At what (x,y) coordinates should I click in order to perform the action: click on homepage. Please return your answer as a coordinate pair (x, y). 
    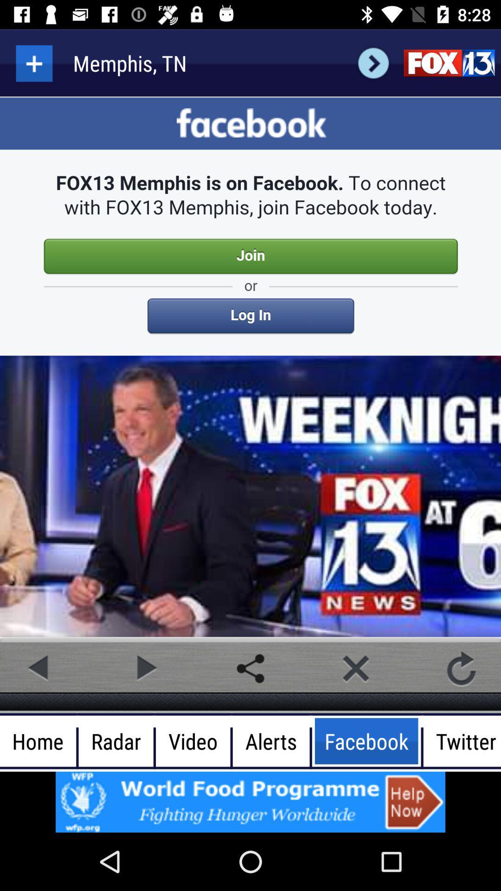
    Looking at the image, I should click on (449, 63).